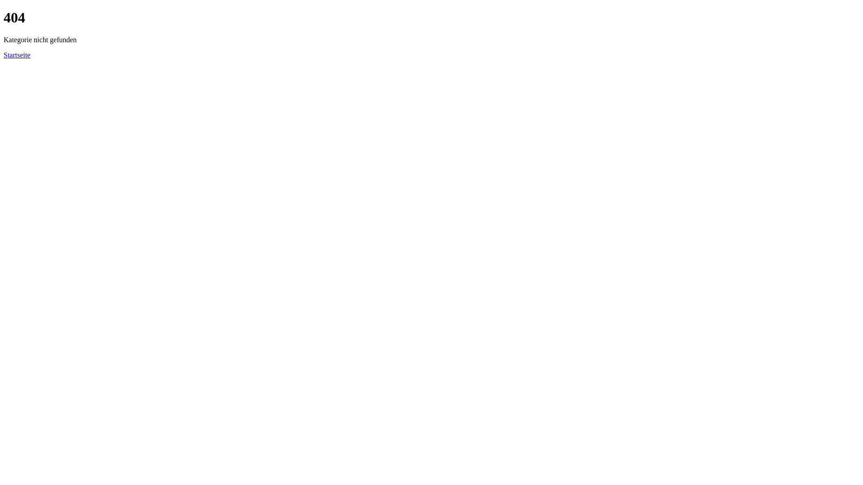 Image resolution: width=863 pixels, height=485 pixels. I want to click on 'Startseite', so click(17, 55).